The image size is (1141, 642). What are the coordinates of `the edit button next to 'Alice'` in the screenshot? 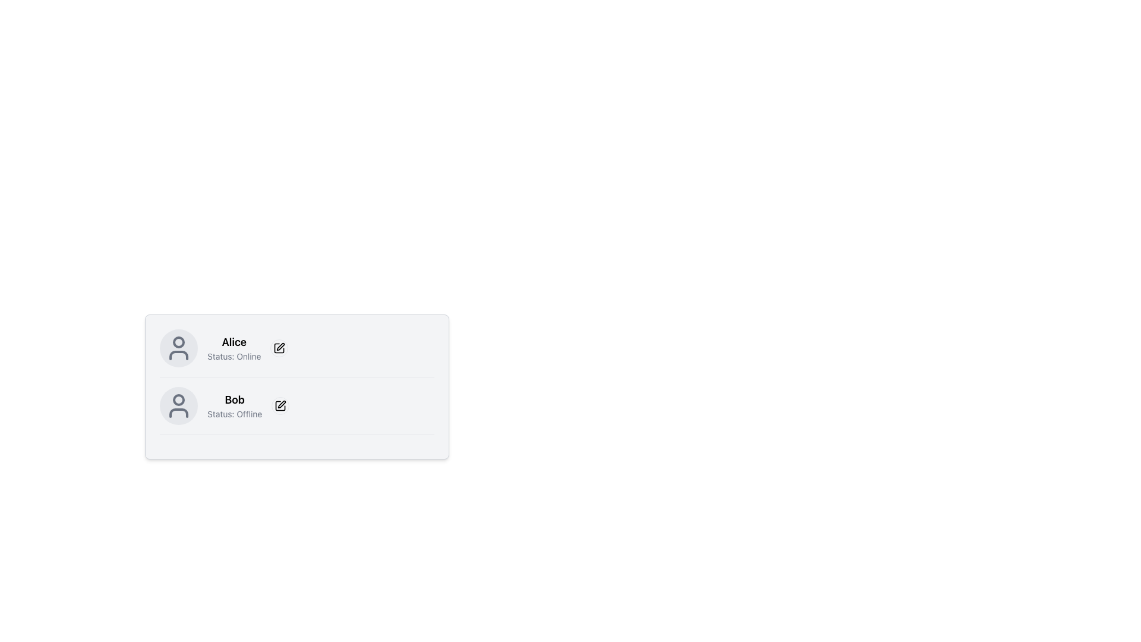 It's located at (279, 348).